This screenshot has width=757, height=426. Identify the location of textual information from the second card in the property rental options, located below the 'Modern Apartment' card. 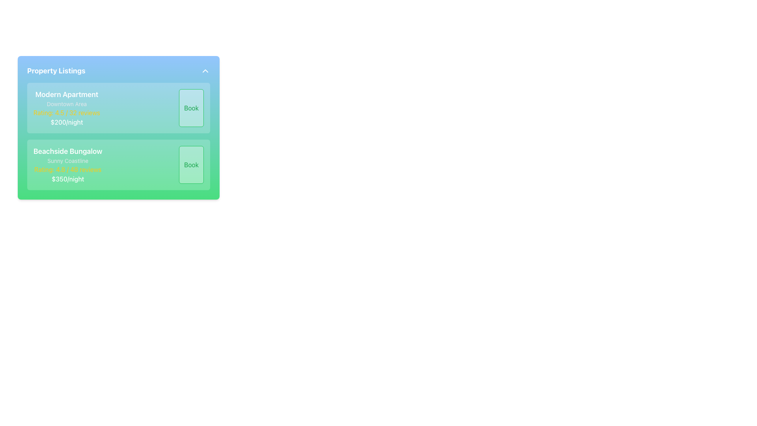
(118, 164).